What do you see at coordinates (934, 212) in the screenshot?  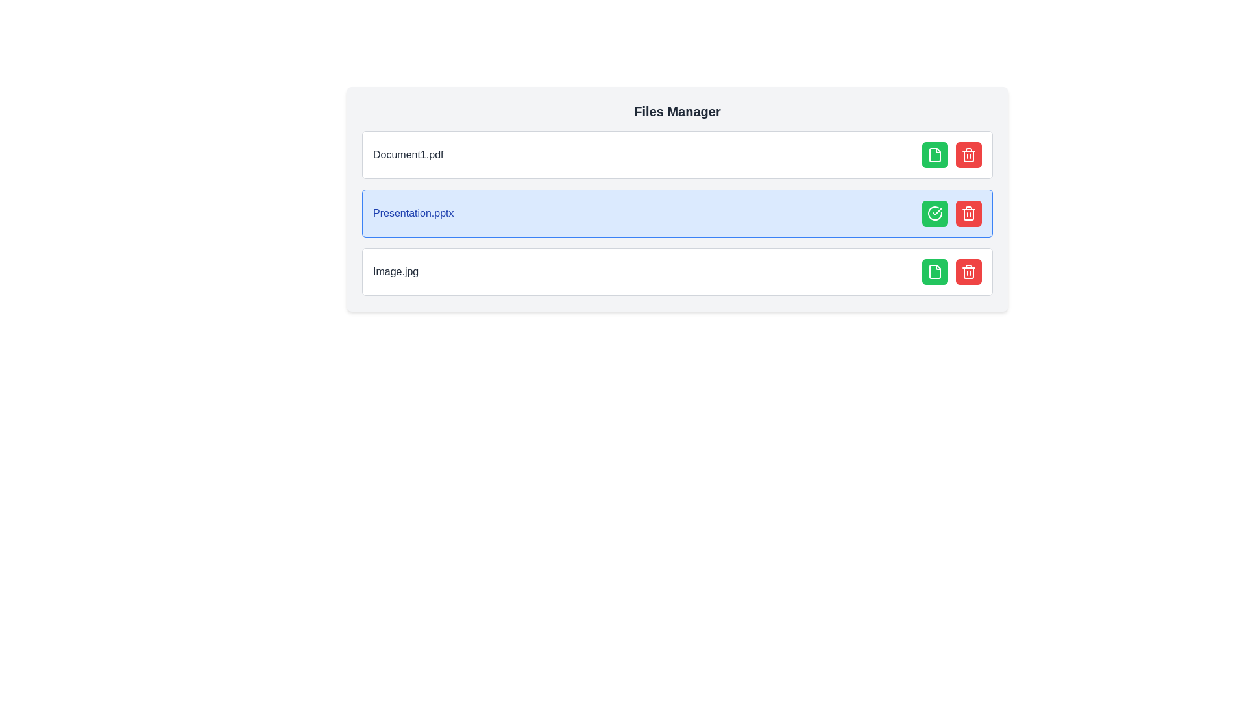 I see `the confirmation button located in the second row, first position, to observe the style change` at bounding box center [934, 212].